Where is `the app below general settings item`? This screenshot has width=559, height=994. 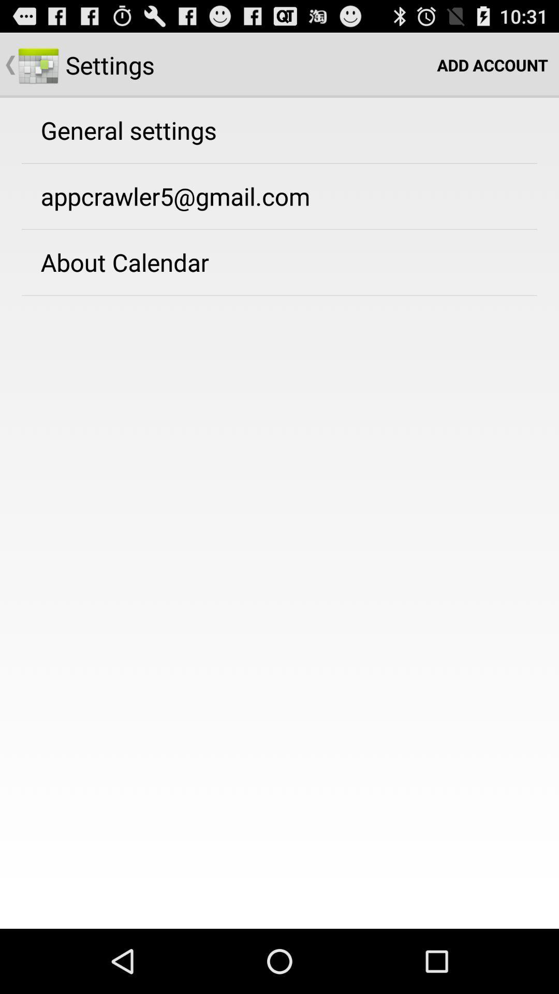 the app below general settings item is located at coordinates (175, 196).